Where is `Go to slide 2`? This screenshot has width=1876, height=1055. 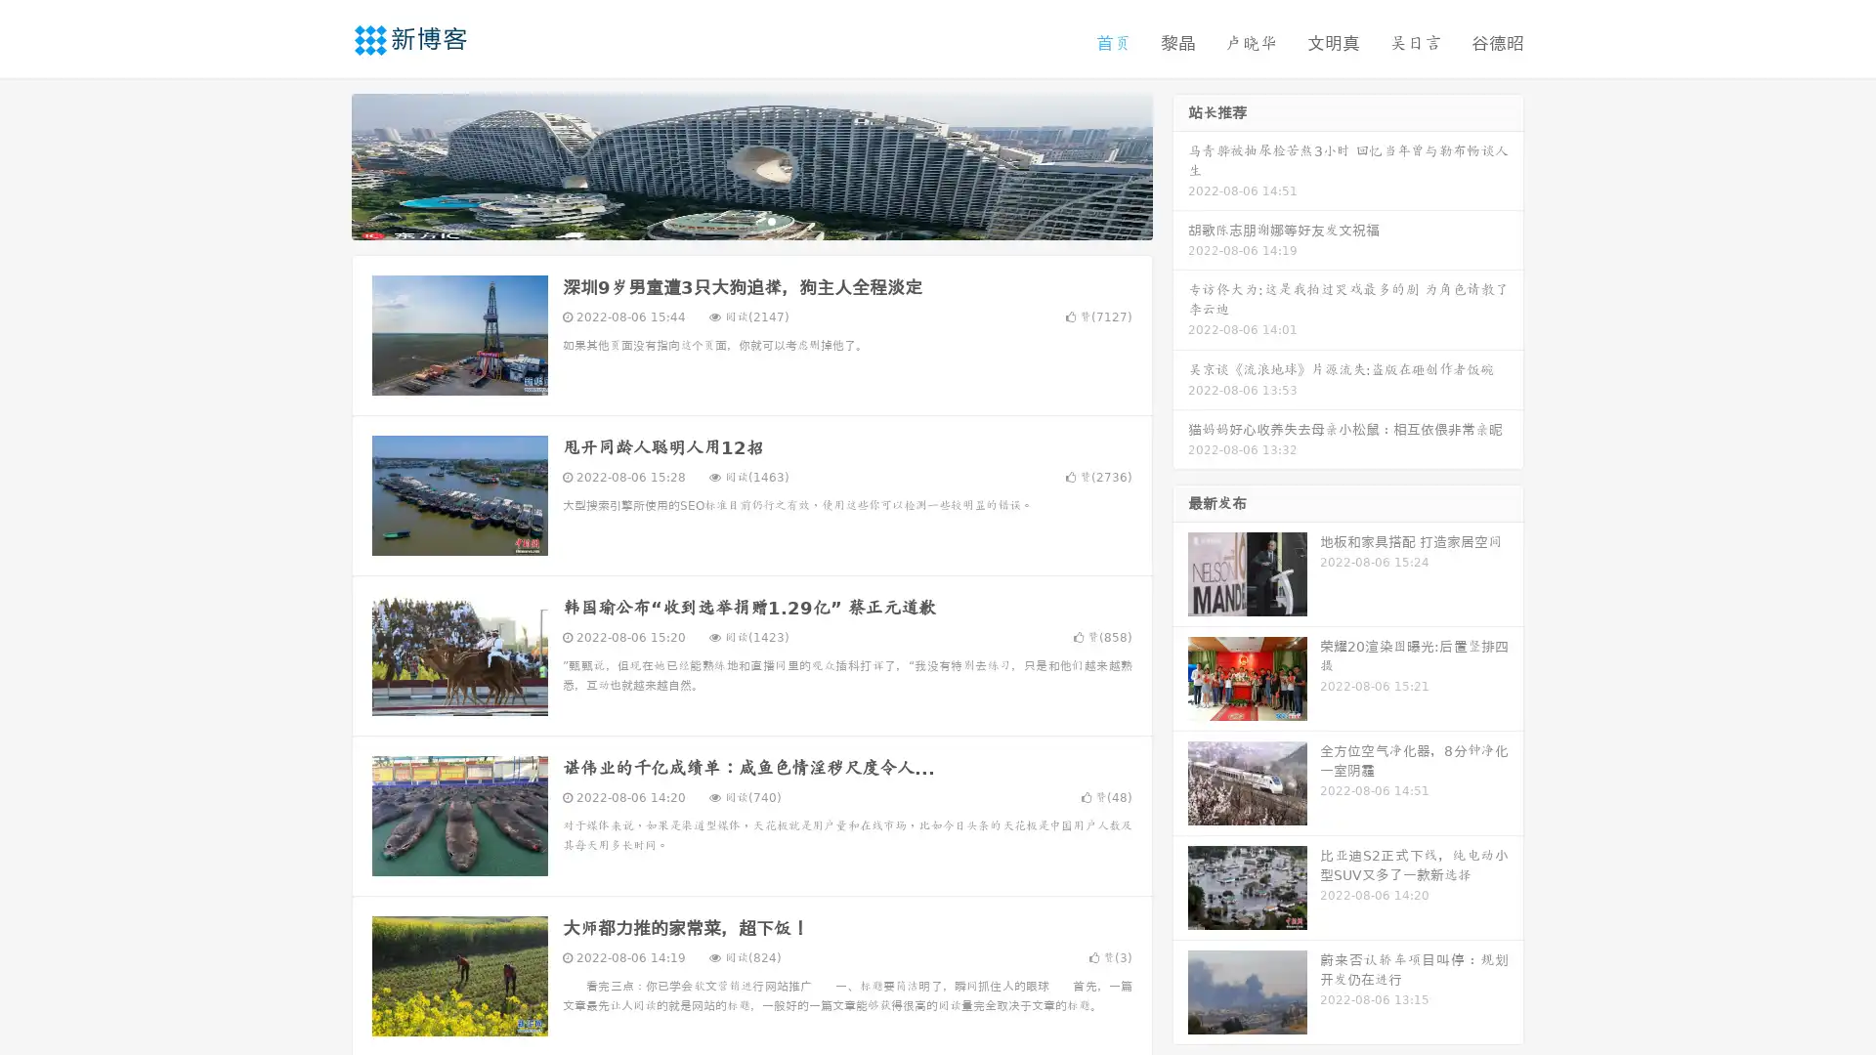 Go to slide 2 is located at coordinates (750, 220).